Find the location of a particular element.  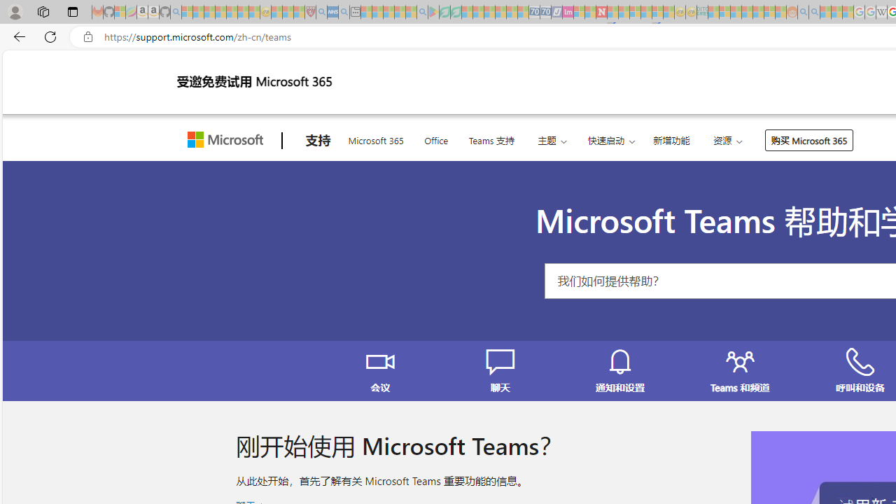

'MSNBC - MSN - Sleeping' is located at coordinates (713, 12).